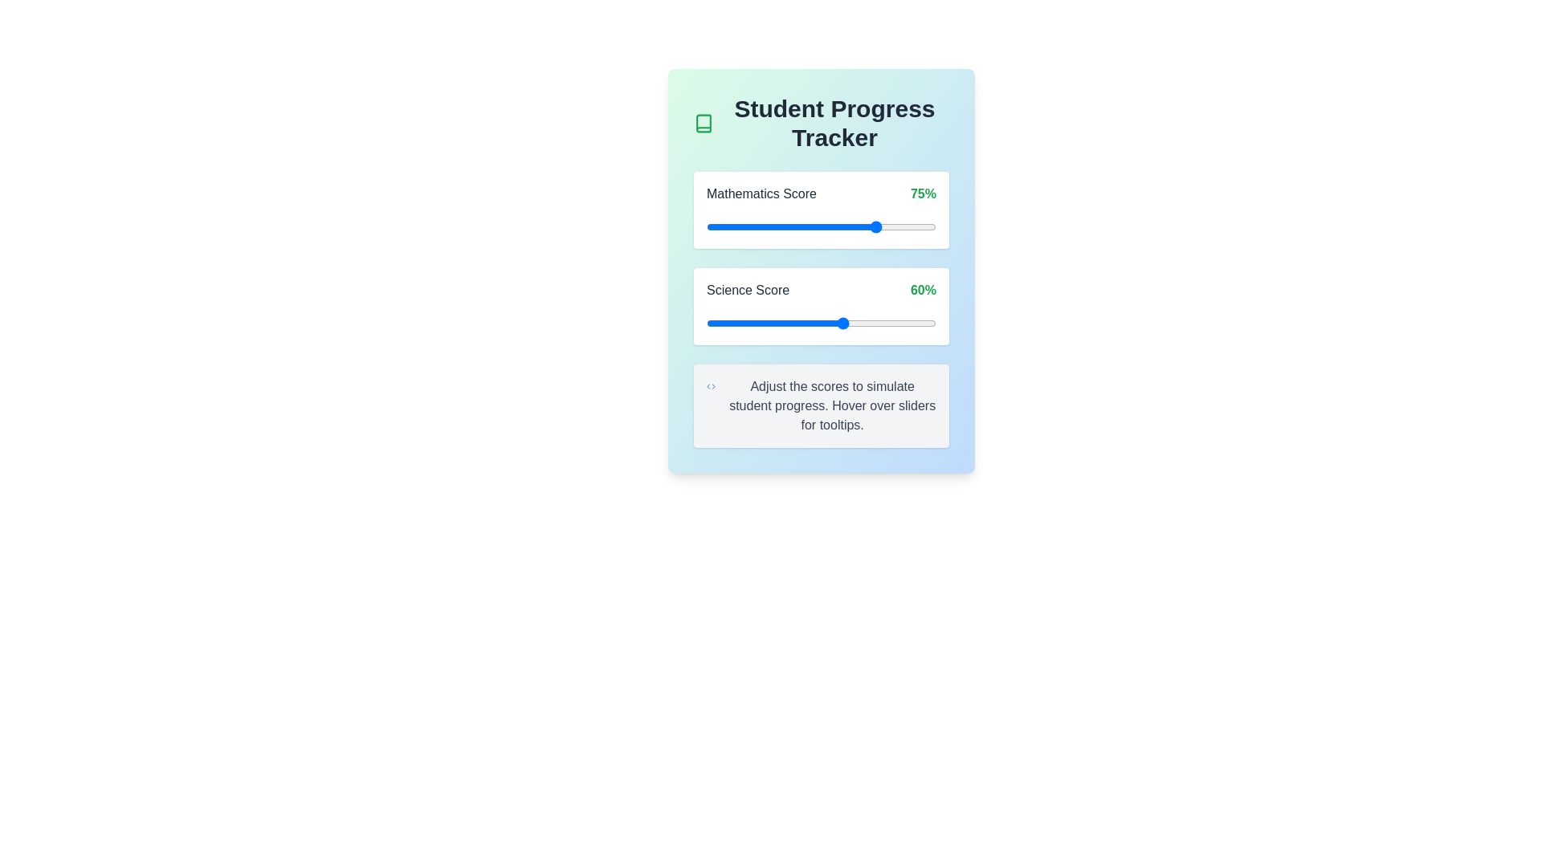  What do you see at coordinates (780, 323) in the screenshot?
I see `the Science Score slider to 32%` at bounding box center [780, 323].